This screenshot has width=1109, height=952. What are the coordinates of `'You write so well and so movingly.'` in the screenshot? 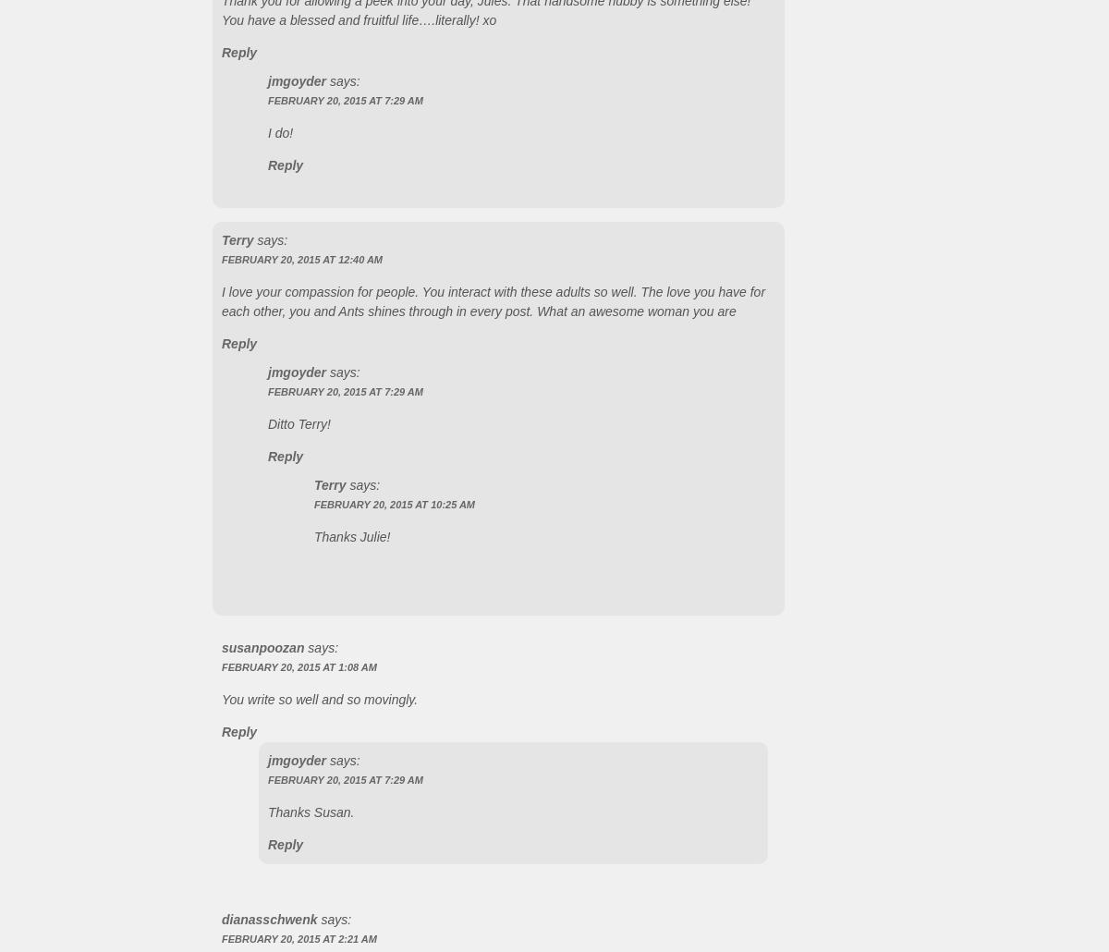 It's located at (319, 699).